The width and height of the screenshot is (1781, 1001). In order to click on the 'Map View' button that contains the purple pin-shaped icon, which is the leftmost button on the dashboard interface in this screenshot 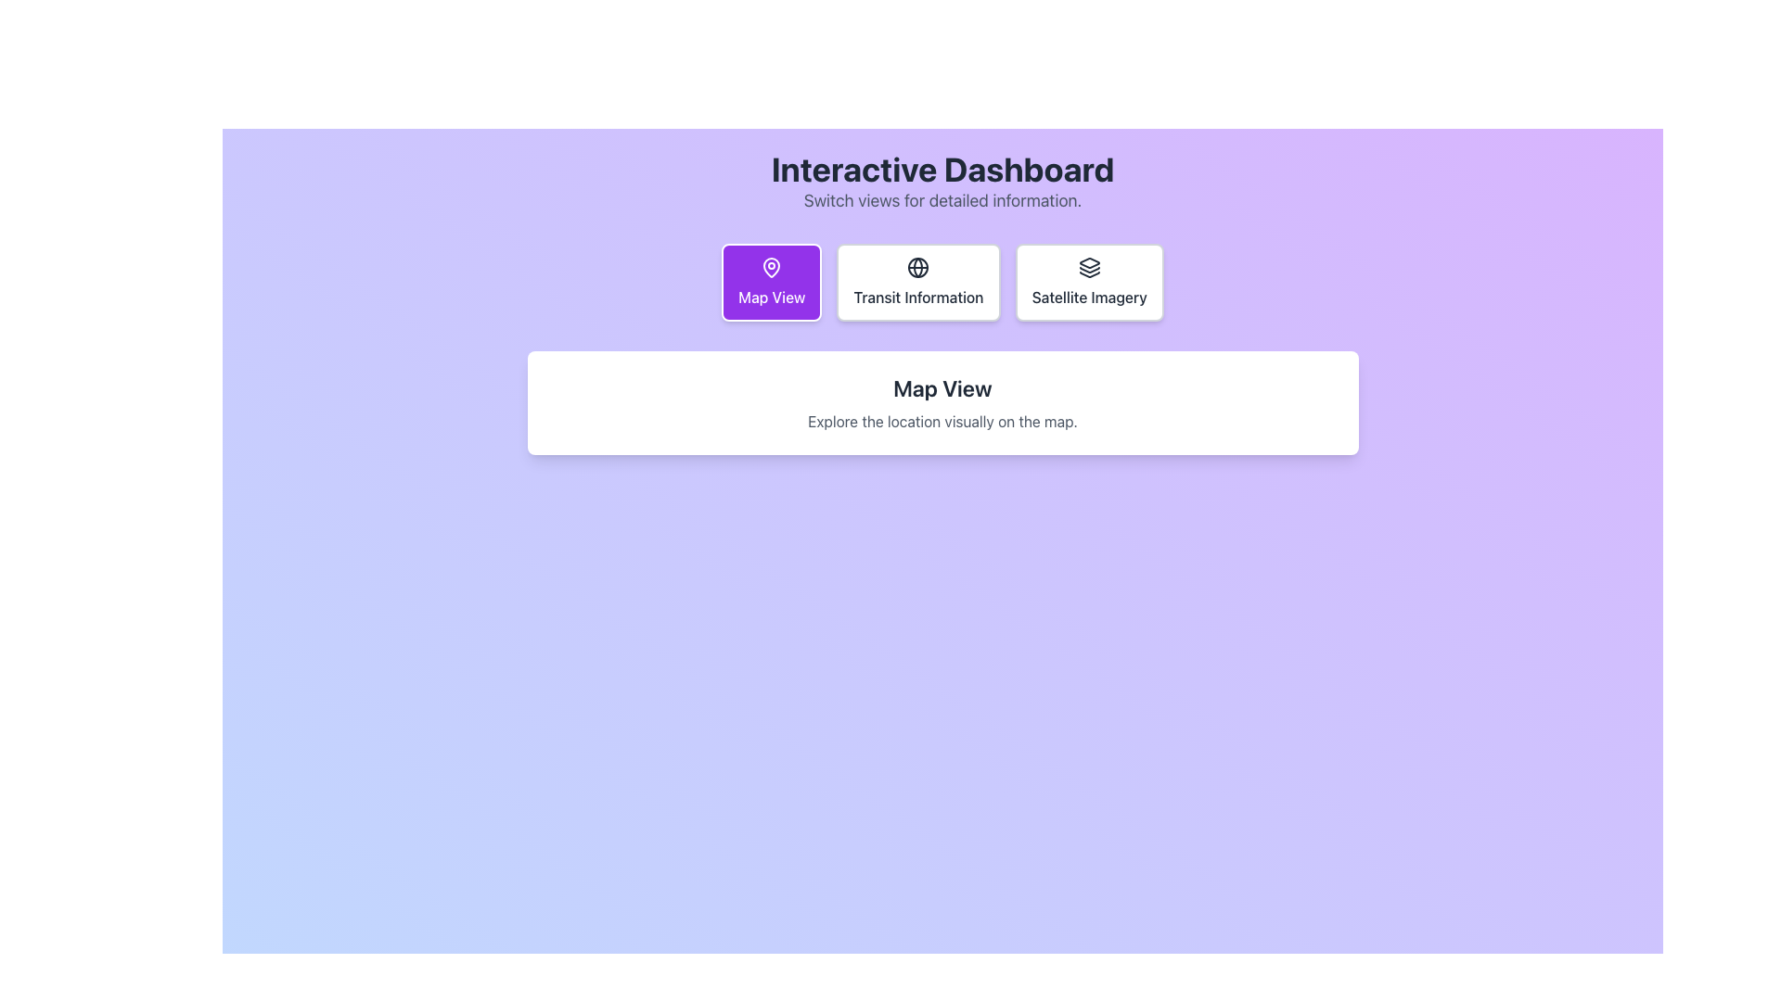, I will do `click(772, 268)`.